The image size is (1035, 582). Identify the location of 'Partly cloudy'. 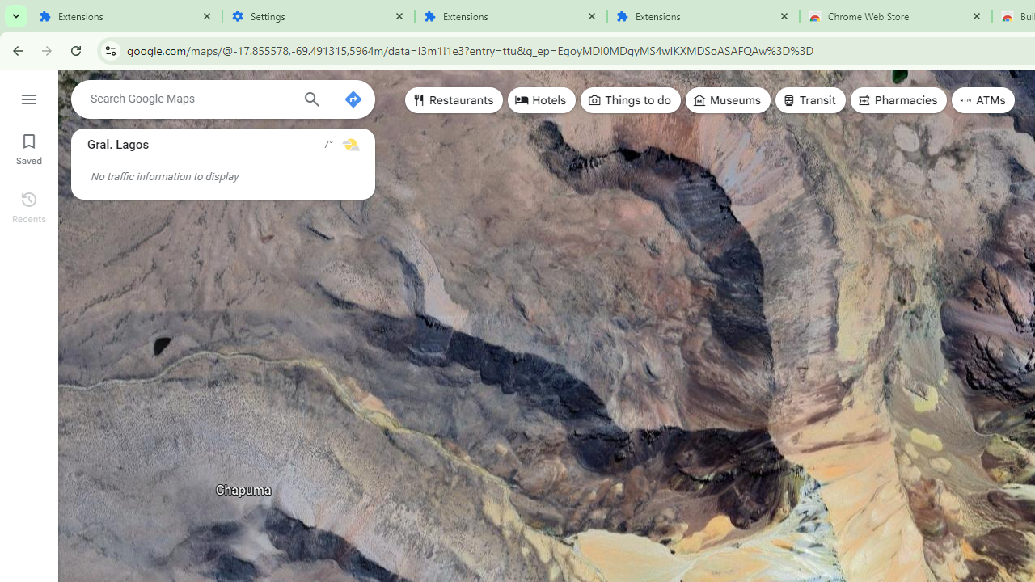
(349, 143).